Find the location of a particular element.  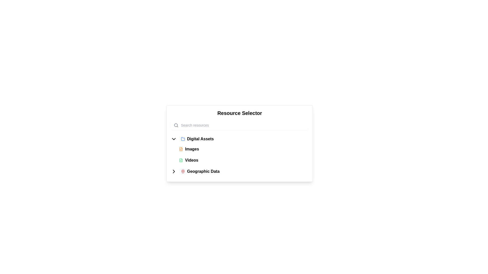

the SVG-based icon representing a folder is located at coordinates (183, 139).